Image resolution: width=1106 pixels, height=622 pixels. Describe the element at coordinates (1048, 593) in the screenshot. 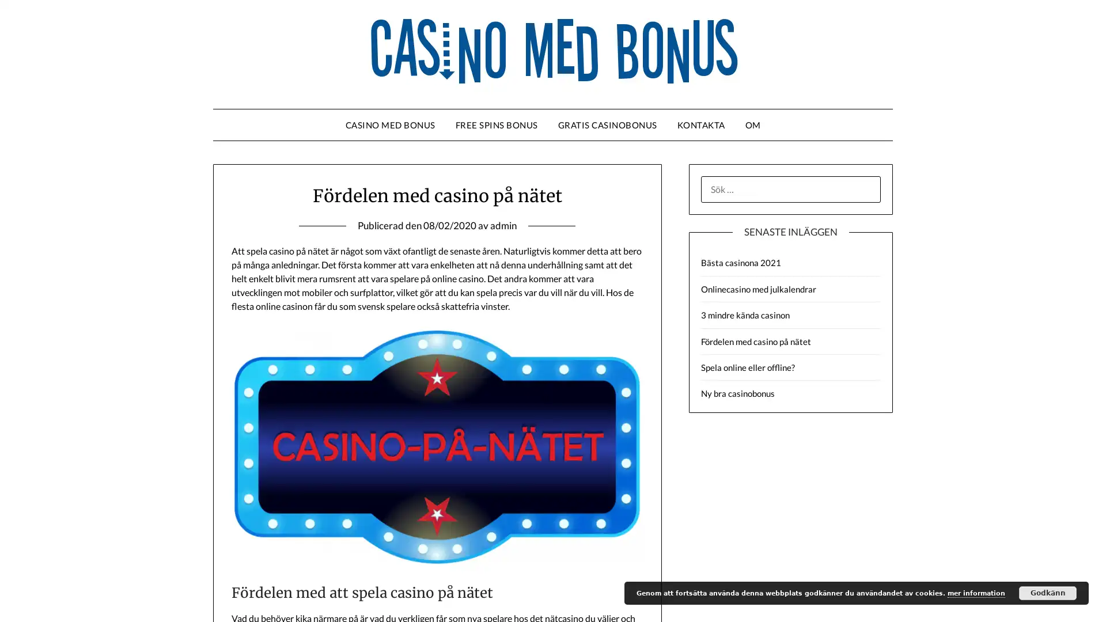

I see `Godkann` at that location.